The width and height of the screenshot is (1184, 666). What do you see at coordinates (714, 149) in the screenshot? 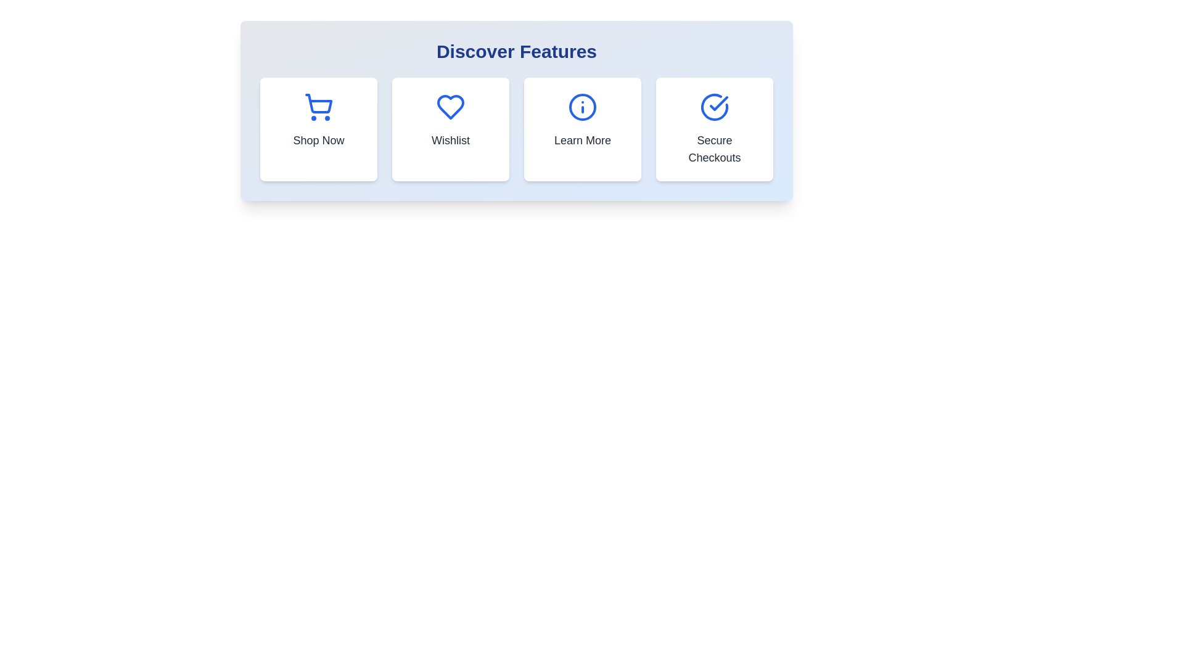
I see `the Text Label indicating secure checkouts, located in the fourth feature of the 'Discover Features' group` at bounding box center [714, 149].